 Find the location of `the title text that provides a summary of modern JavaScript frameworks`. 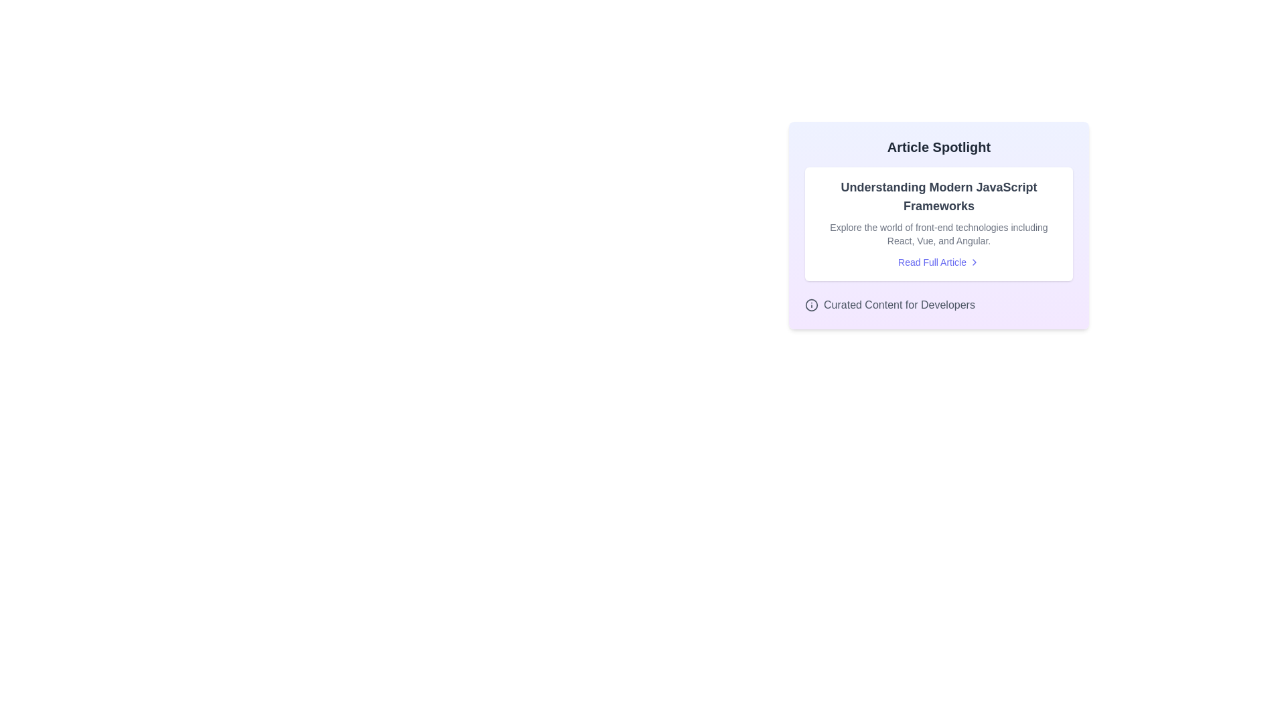

the title text that provides a summary of modern JavaScript frameworks is located at coordinates (938, 196).